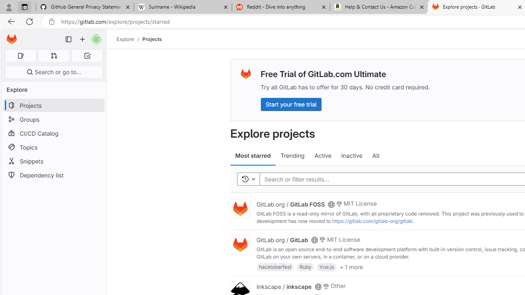 Image resolution: width=525 pixels, height=295 pixels. I want to click on 'https://gitlab.com/gitlab-org/gitlab', so click(372, 220).